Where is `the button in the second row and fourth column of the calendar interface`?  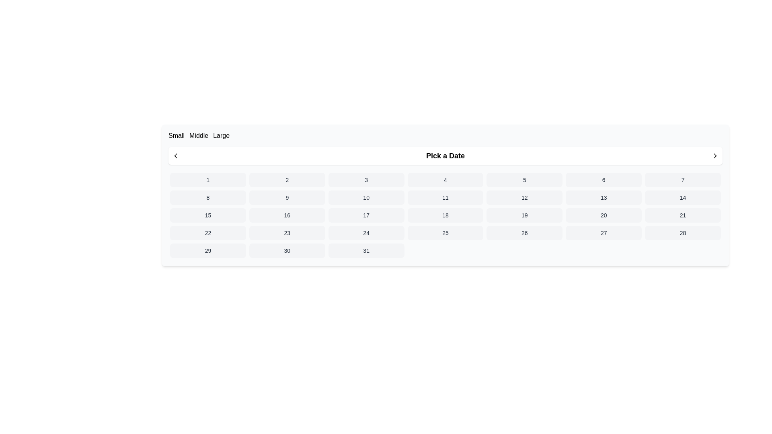
the button in the second row and fourth column of the calendar interface is located at coordinates (445, 198).